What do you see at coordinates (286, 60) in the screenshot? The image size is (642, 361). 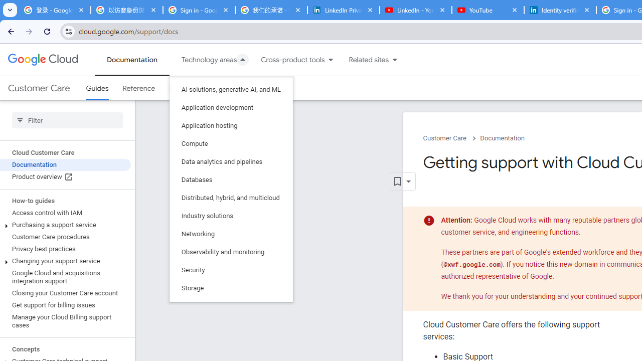 I see `'Cross-product tools'` at bounding box center [286, 60].